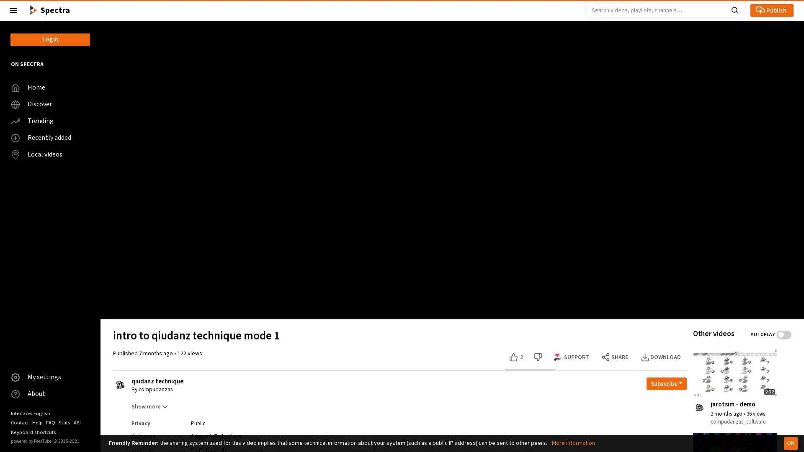 This screenshot has height=452, width=804. I want to click on DOWNLOAD, so click(661, 357).